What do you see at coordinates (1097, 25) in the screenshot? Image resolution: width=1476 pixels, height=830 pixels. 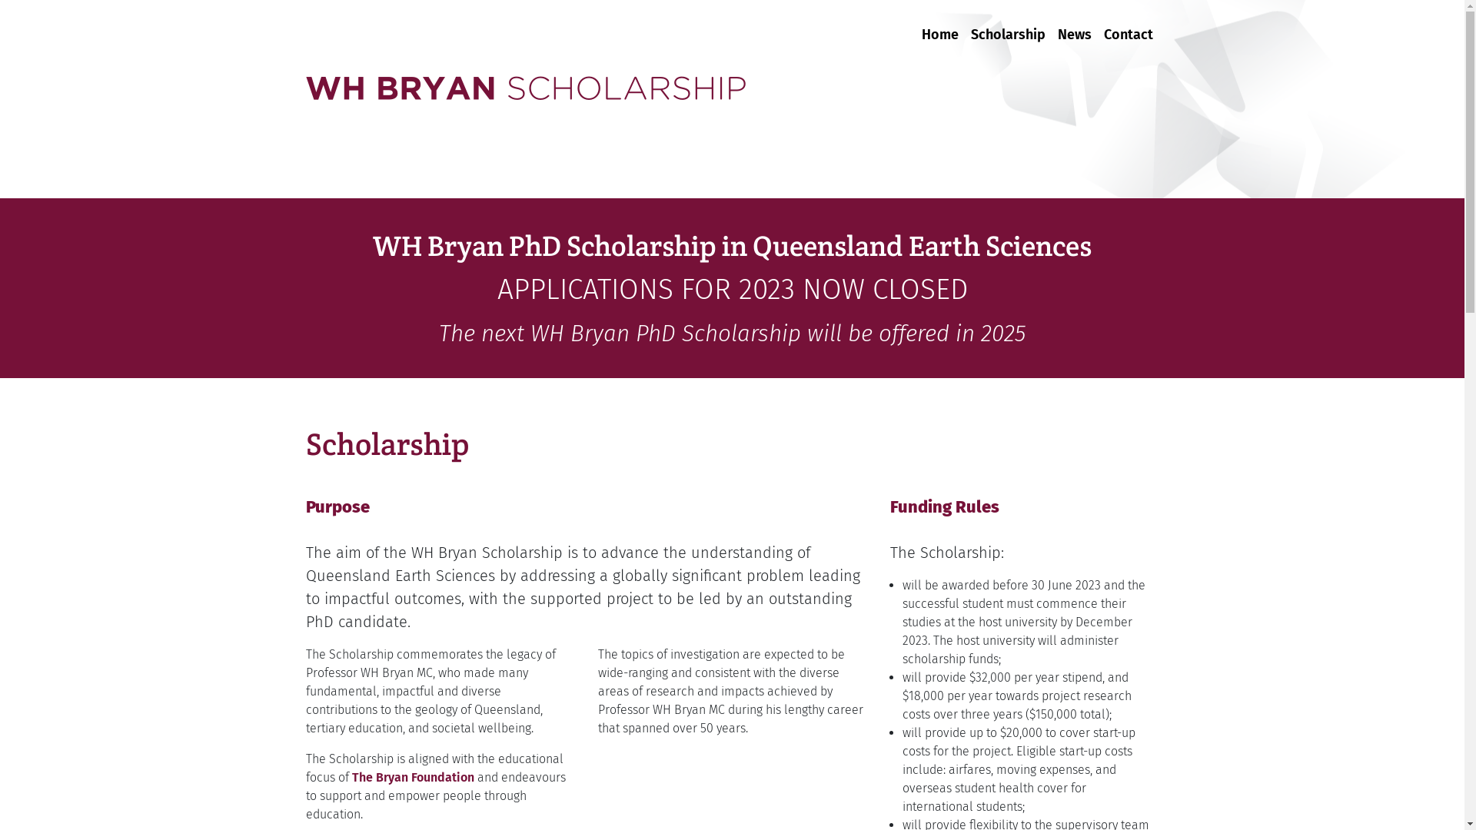 I see `'Contact'` at bounding box center [1097, 25].